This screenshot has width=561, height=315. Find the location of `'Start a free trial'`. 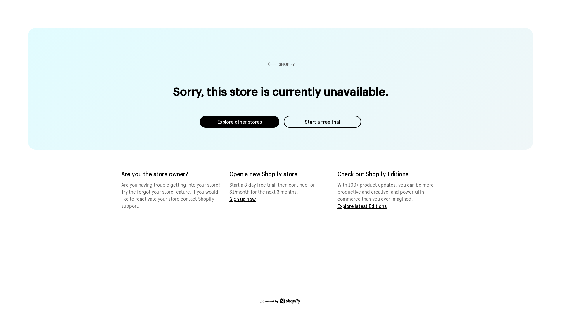

'Start a free trial' is located at coordinates (322, 121).